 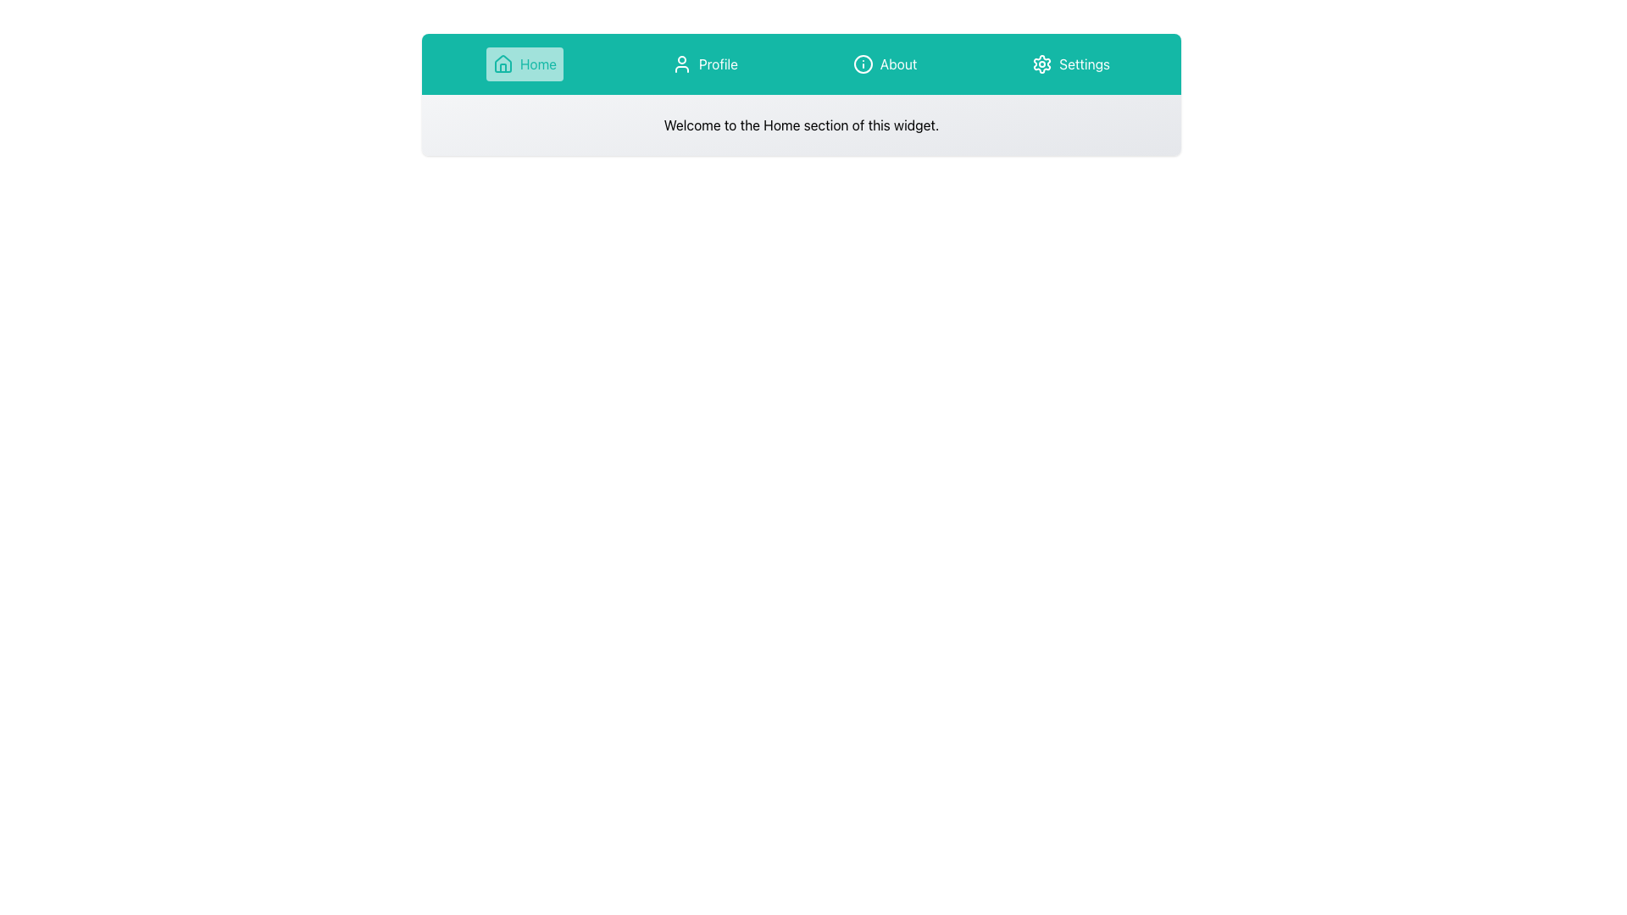 What do you see at coordinates (718, 64) in the screenshot?
I see `text 'Profile' displayed in white on a teal background within the top navigation bar, located to the right of the user icon` at bounding box center [718, 64].